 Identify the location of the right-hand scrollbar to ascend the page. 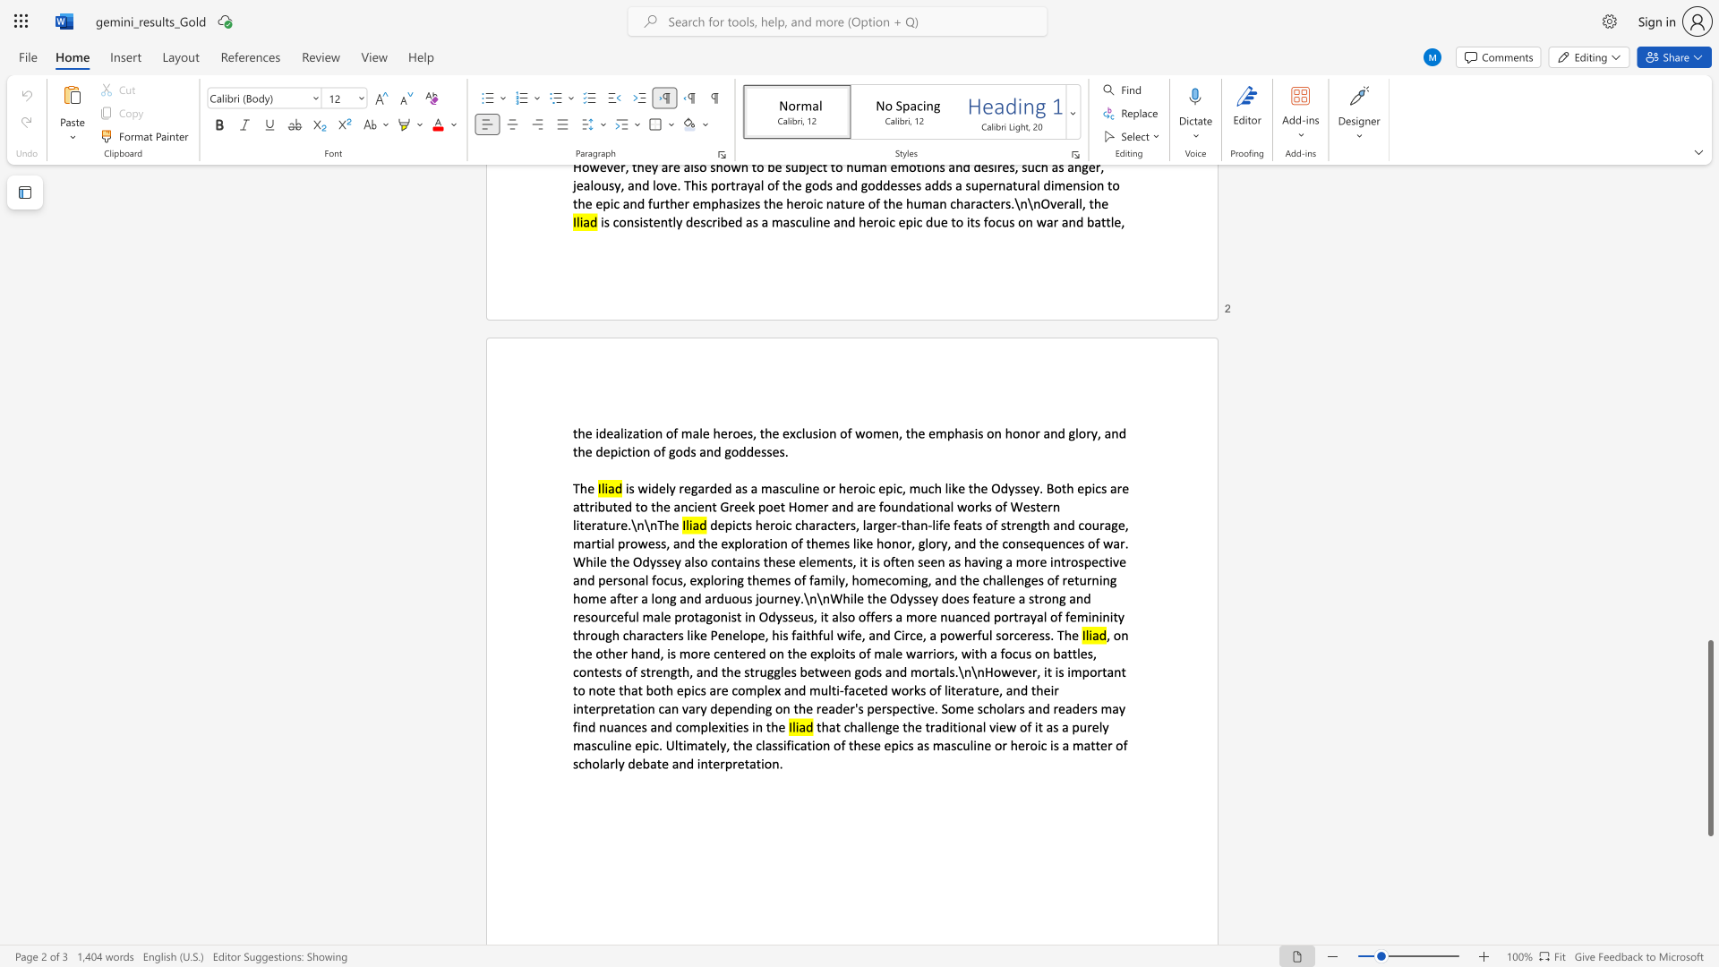
(1709, 242).